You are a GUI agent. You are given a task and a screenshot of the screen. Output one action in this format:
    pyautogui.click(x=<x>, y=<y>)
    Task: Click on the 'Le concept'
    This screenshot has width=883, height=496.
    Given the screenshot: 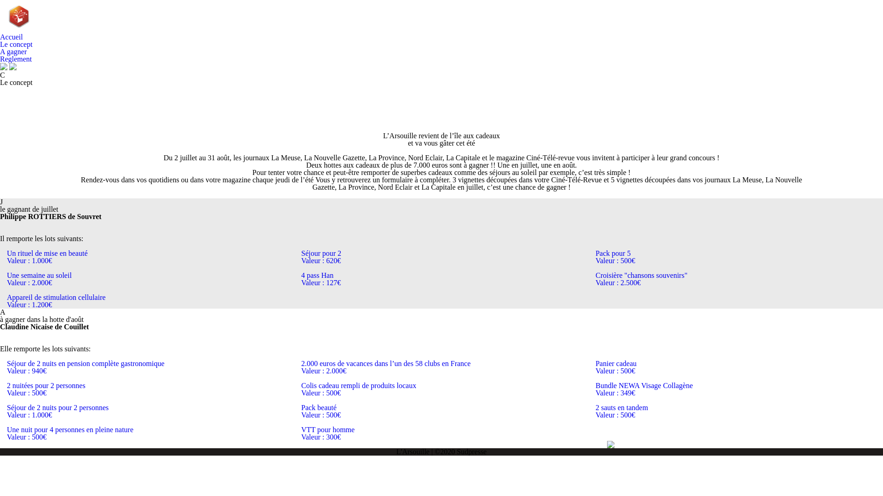 What is the action you would take?
    pyautogui.click(x=0, y=44)
    